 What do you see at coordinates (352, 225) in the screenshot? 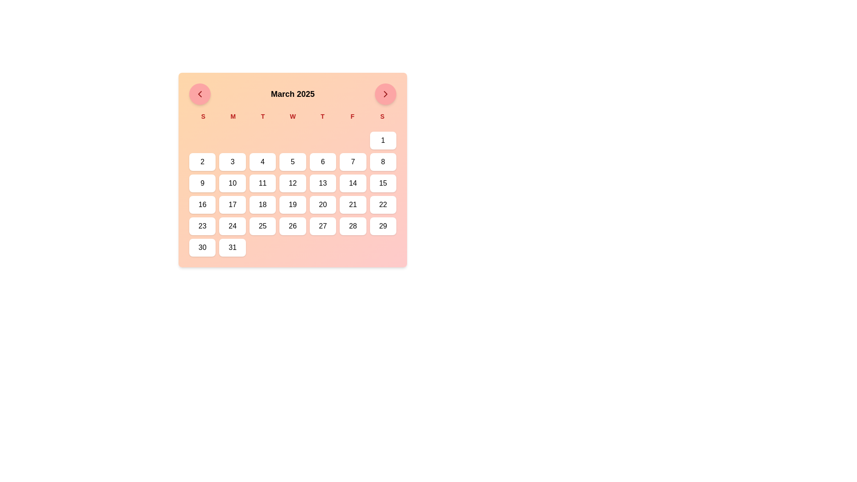
I see `the button in the calendar that selects the date '28' under March 2025` at bounding box center [352, 225].